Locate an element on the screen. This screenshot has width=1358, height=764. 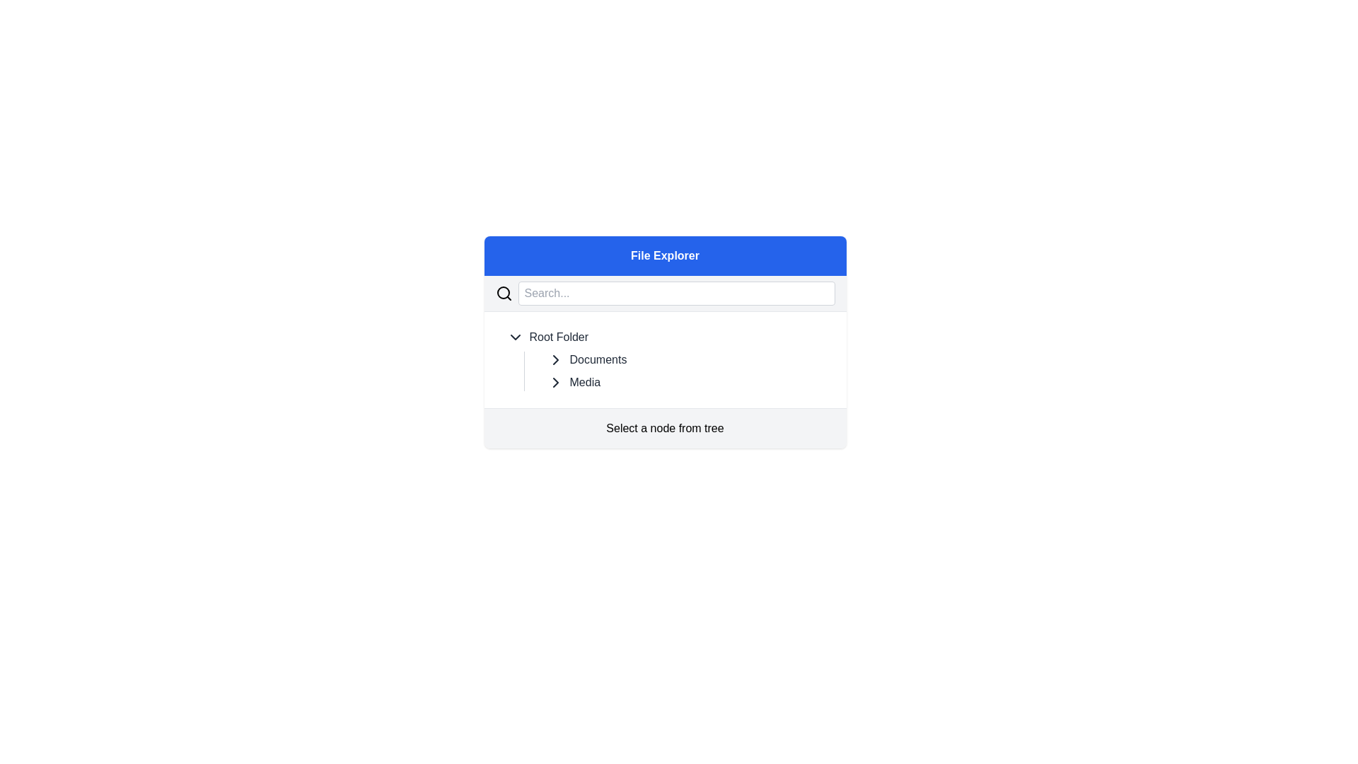
the right-pointing chevron icon located in the 'Media' row of the tree view is located at coordinates (555, 382).